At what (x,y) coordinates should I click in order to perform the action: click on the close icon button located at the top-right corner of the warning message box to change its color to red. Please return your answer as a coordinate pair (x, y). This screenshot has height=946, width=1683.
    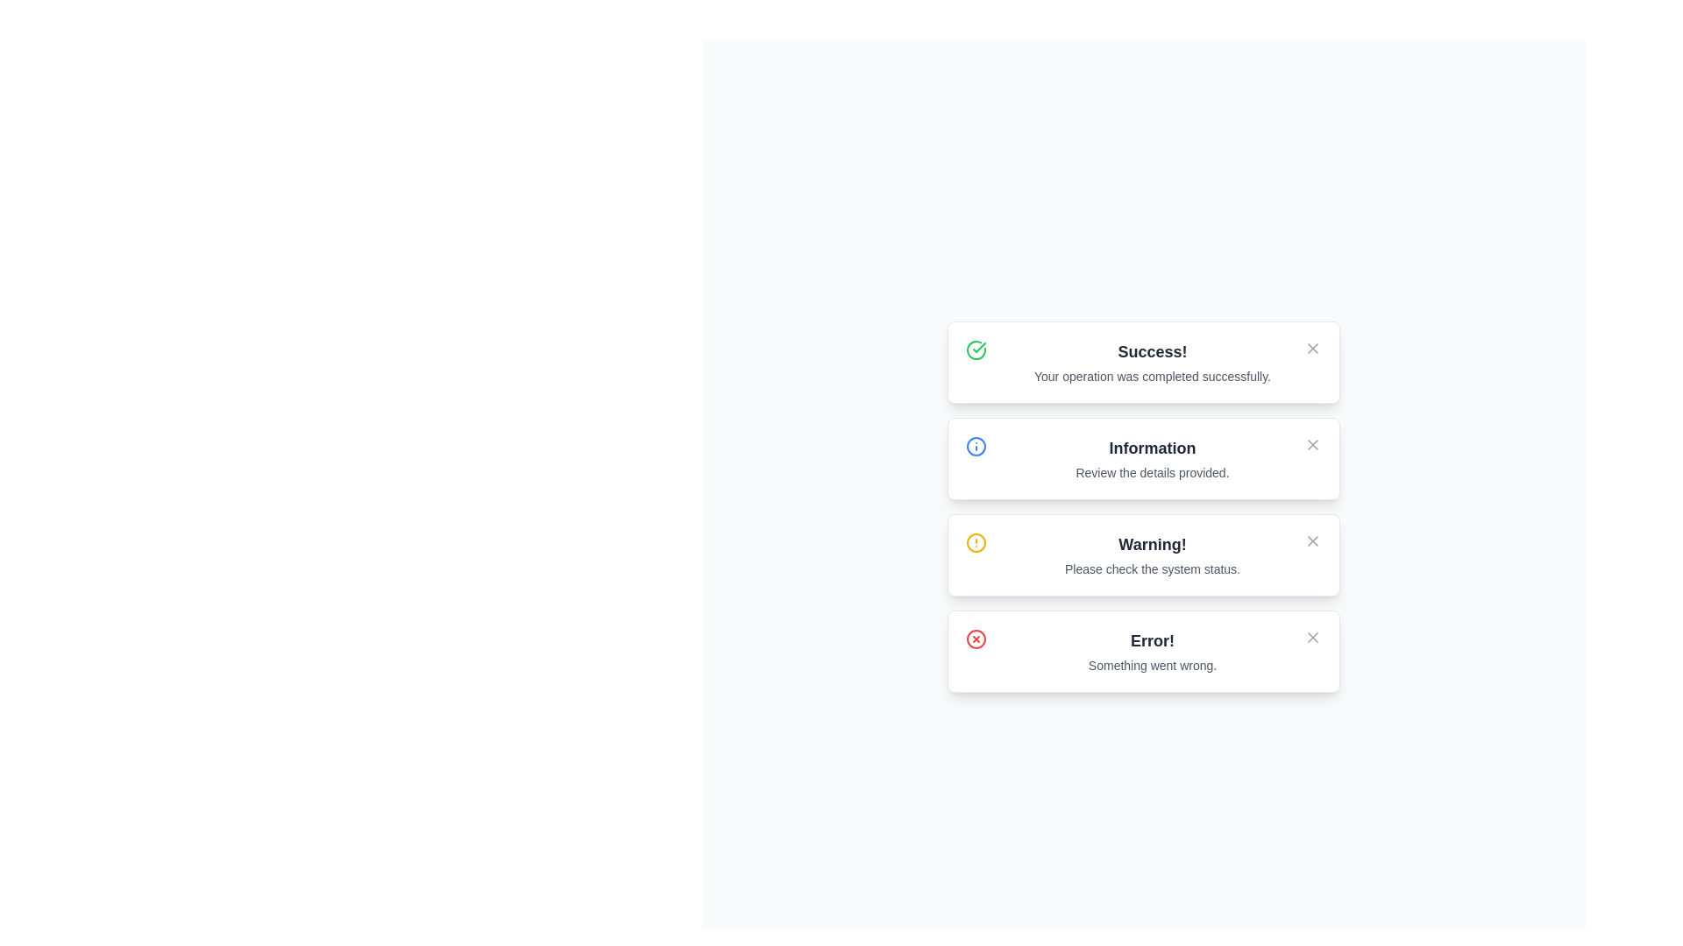
    Looking at the image, I should click on (1312, 540).